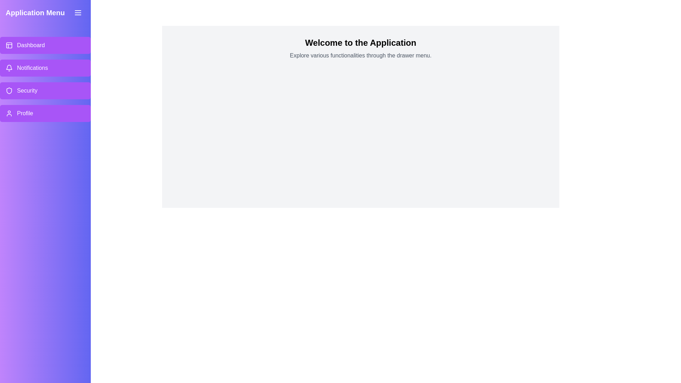 The height and width of the screenshot is (383, 681). Describe the element at coordinates (45, 68) in the screenshot. I see `the menu item labeled Notifications` at that location.